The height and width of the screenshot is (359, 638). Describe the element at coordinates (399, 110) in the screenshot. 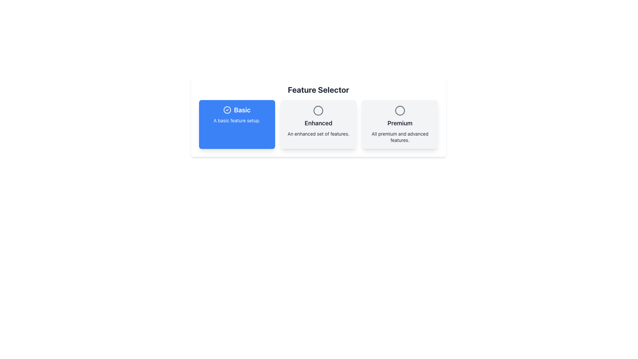

I see `the decorative or status indicator icon for the 'Premium' card located in the 'Feature Selector' section` at that location.